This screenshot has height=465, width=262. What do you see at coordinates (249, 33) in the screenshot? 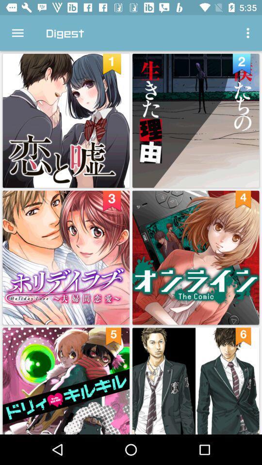
I see `the item next to the digest item` at bounding box center [249, 33].